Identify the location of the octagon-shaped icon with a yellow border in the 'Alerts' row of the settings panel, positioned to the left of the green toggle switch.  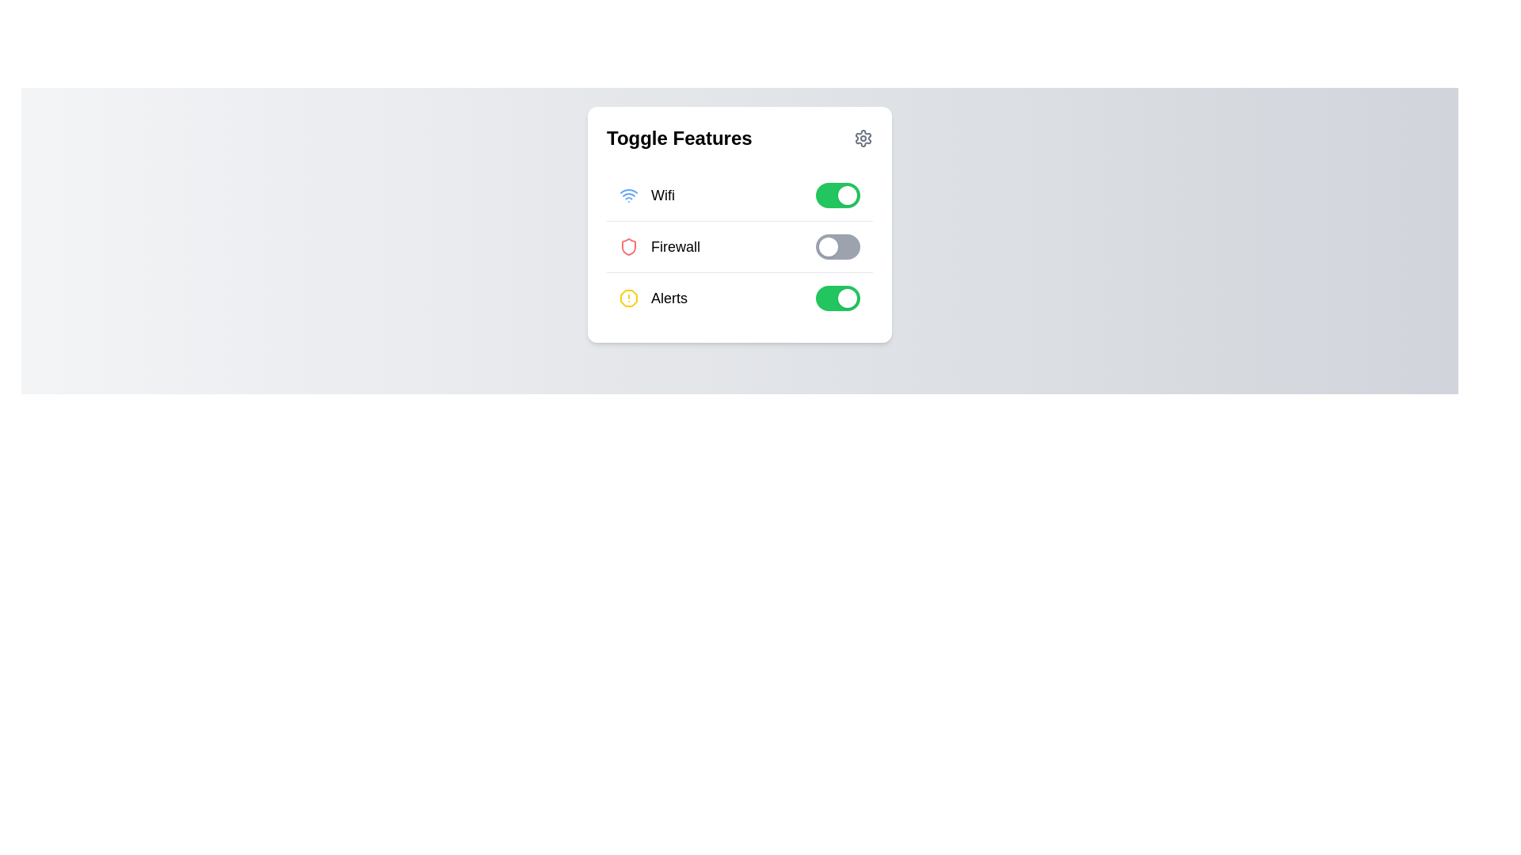
(627, 298).